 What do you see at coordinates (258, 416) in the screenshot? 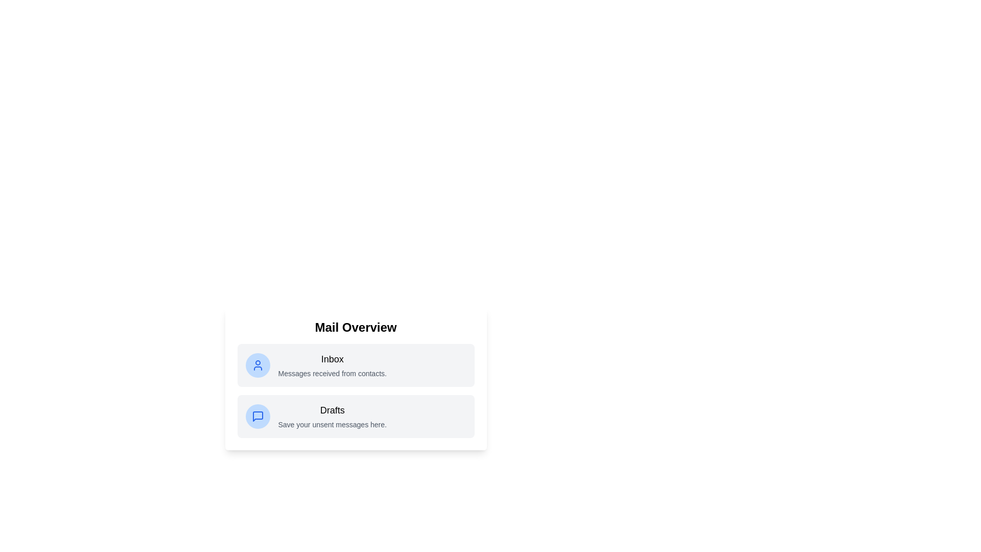
I see `the icon for the Drafts list item` at bounding box center [258, 416].